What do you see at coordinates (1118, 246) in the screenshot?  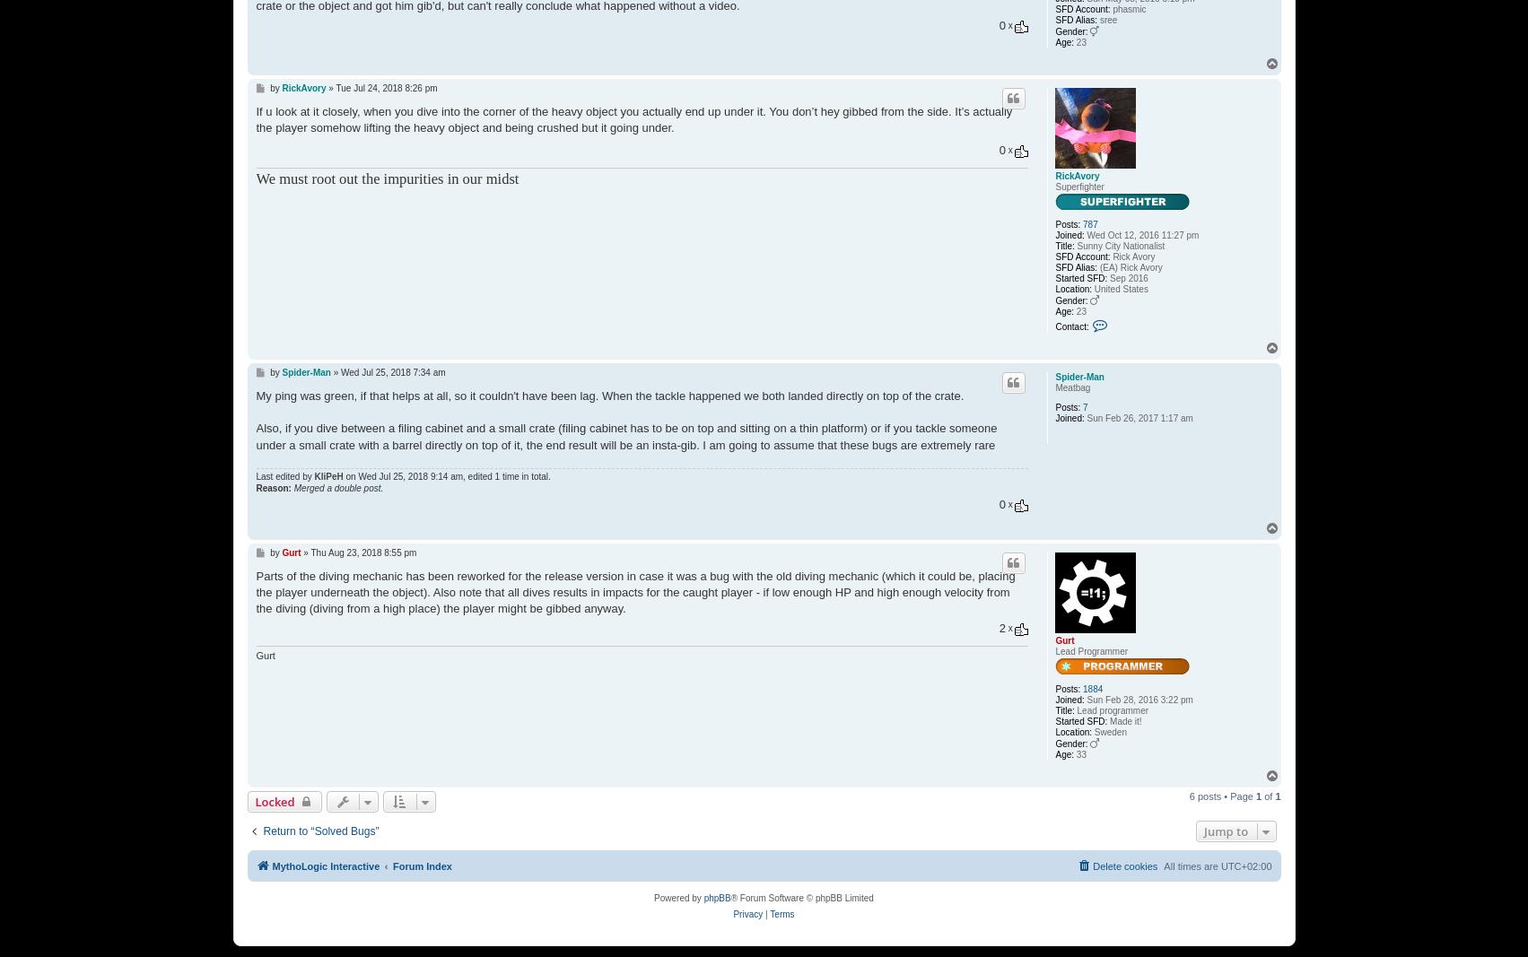 I see `'Sunny City Nationalist'` at bounding box center [1118, 246].